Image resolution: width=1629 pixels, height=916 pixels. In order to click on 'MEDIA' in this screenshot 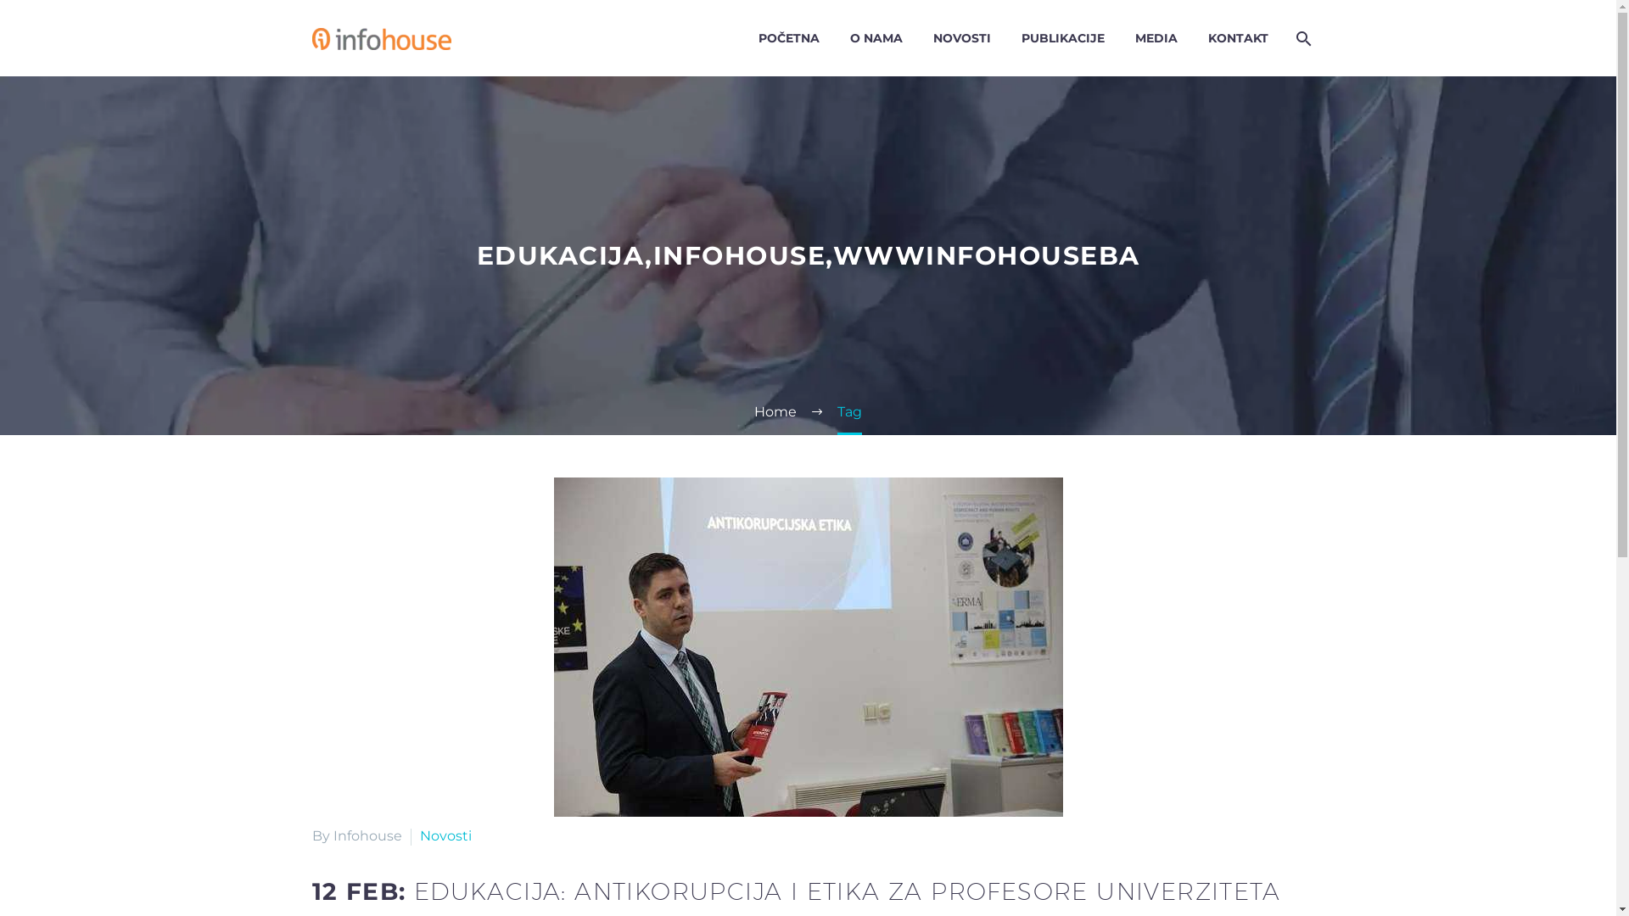, I will do `click(1121, 38)`.